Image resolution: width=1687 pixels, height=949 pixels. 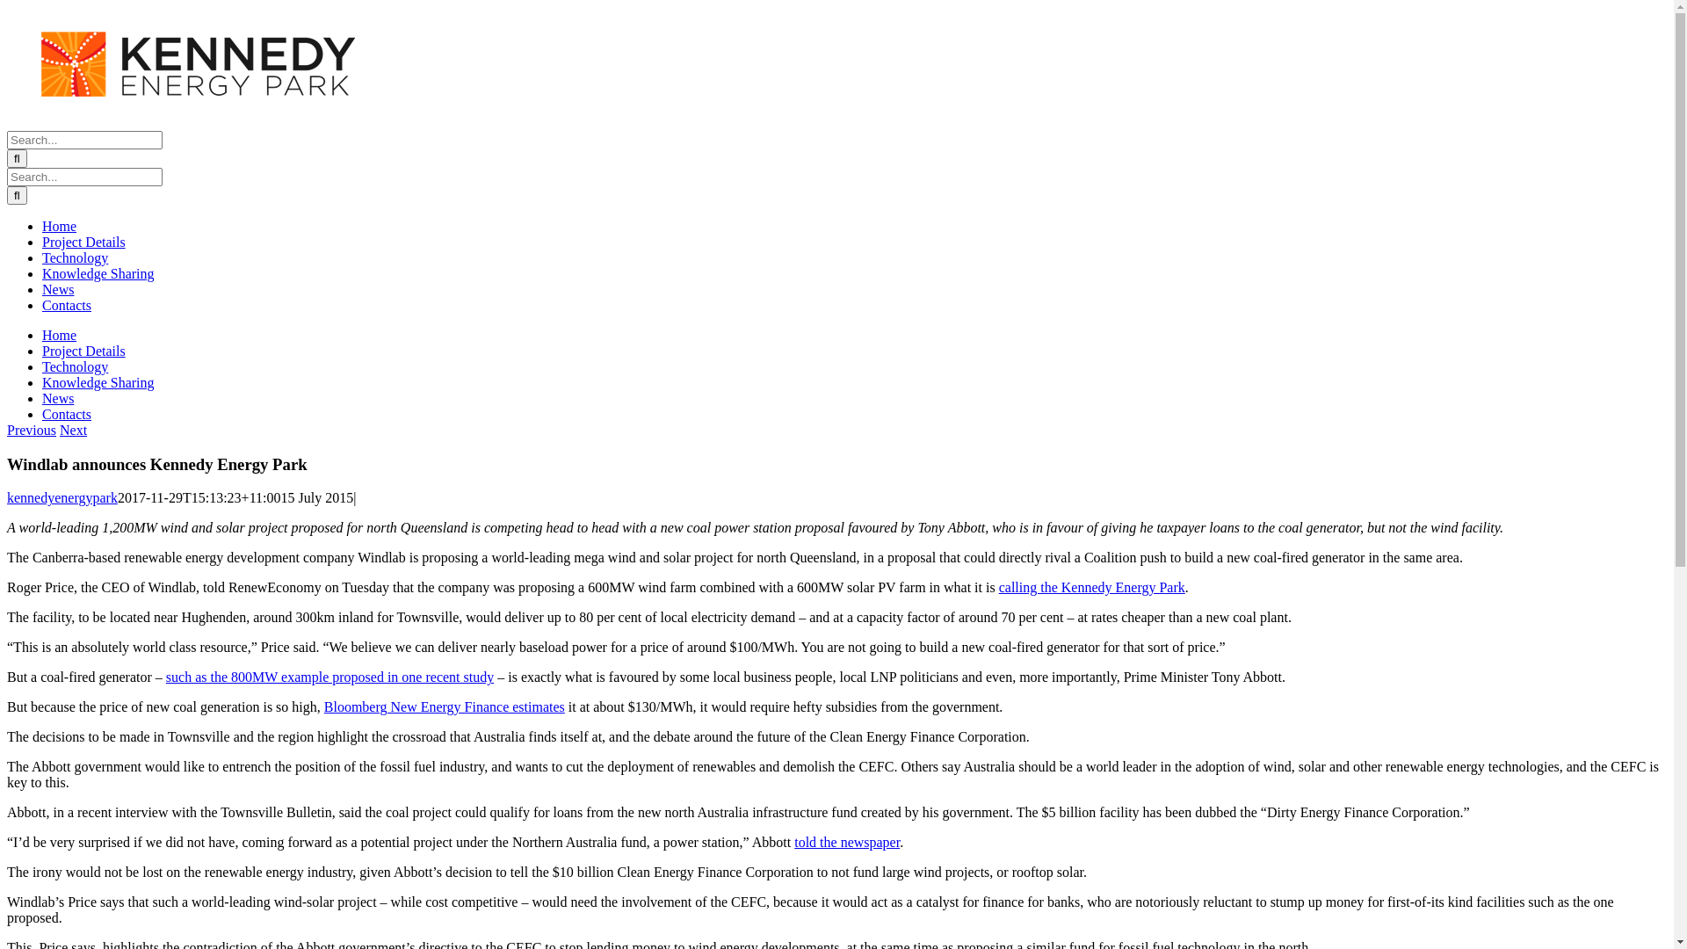 I want to click on 'Home', so click(x=59, y=335).